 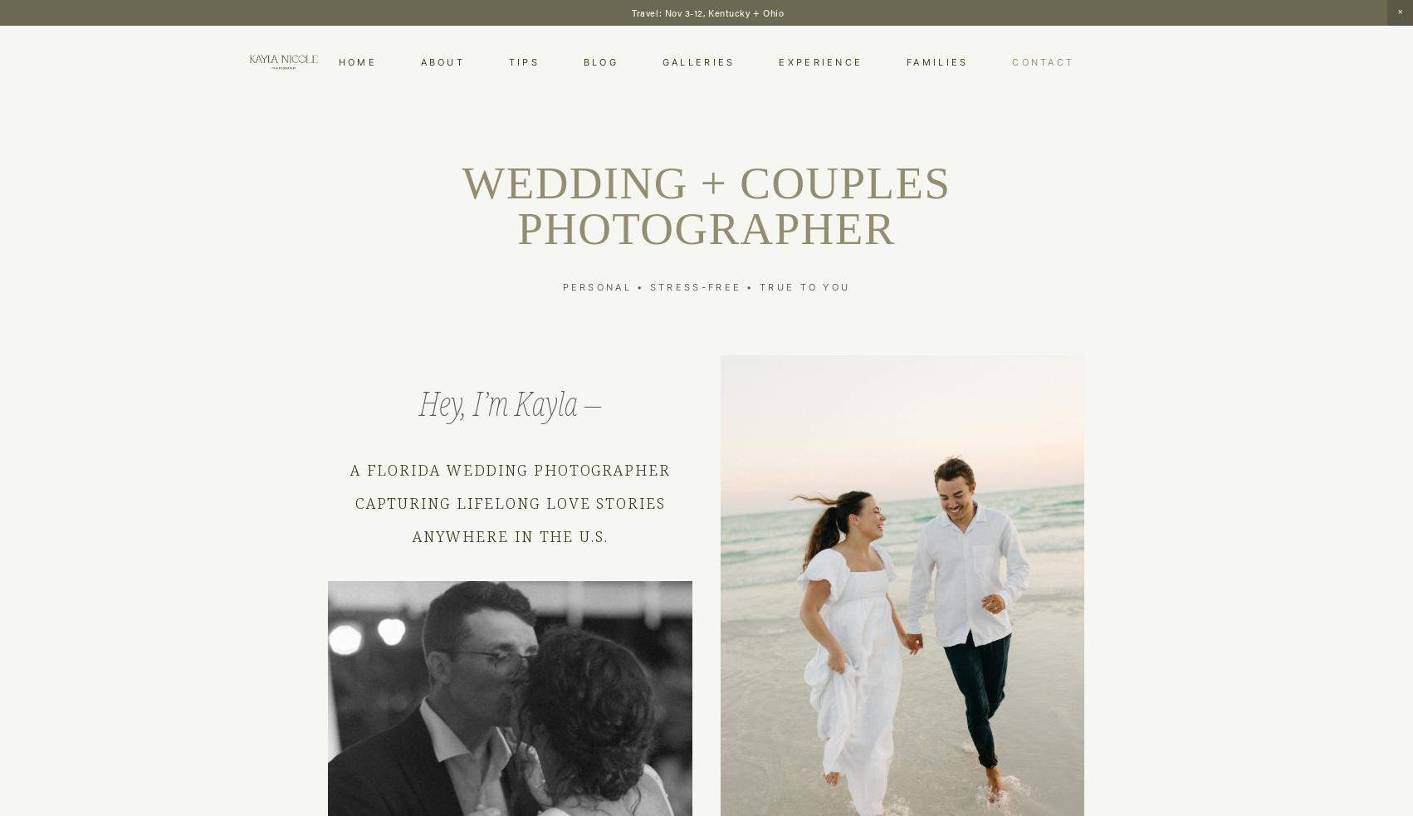 What do you see at coordinates (936, 61) in the screenshot?
I see `'Families'` at bounding box center [936, 61].